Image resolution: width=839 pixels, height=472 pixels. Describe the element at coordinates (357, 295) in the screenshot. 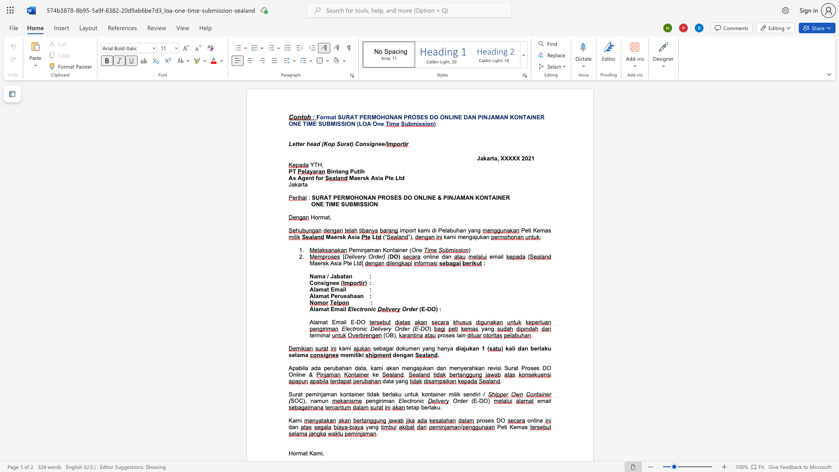

I see `the subset text "an" within the text "Alamat Perusahaan"` at that location.